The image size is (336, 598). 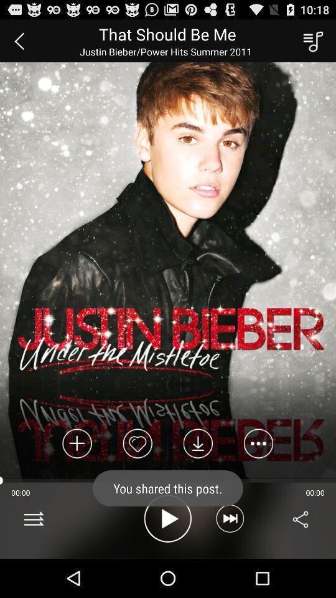 What do you see at coordinates (137, 474) in the screenshot?
I see `the favorite icon` at bounding box center [137, 474].